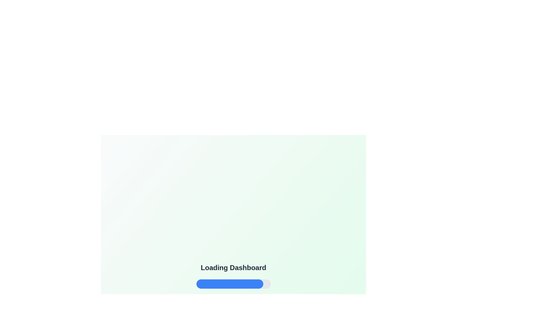 This screenshot has height=313, width=558. Describe the element at coordinates (233, 268) in the screenshot. I see `text displayed in the text label that says 'Loading Dashboard', which is centrally aligned and positioned above other elements like a progress bar` at that location.